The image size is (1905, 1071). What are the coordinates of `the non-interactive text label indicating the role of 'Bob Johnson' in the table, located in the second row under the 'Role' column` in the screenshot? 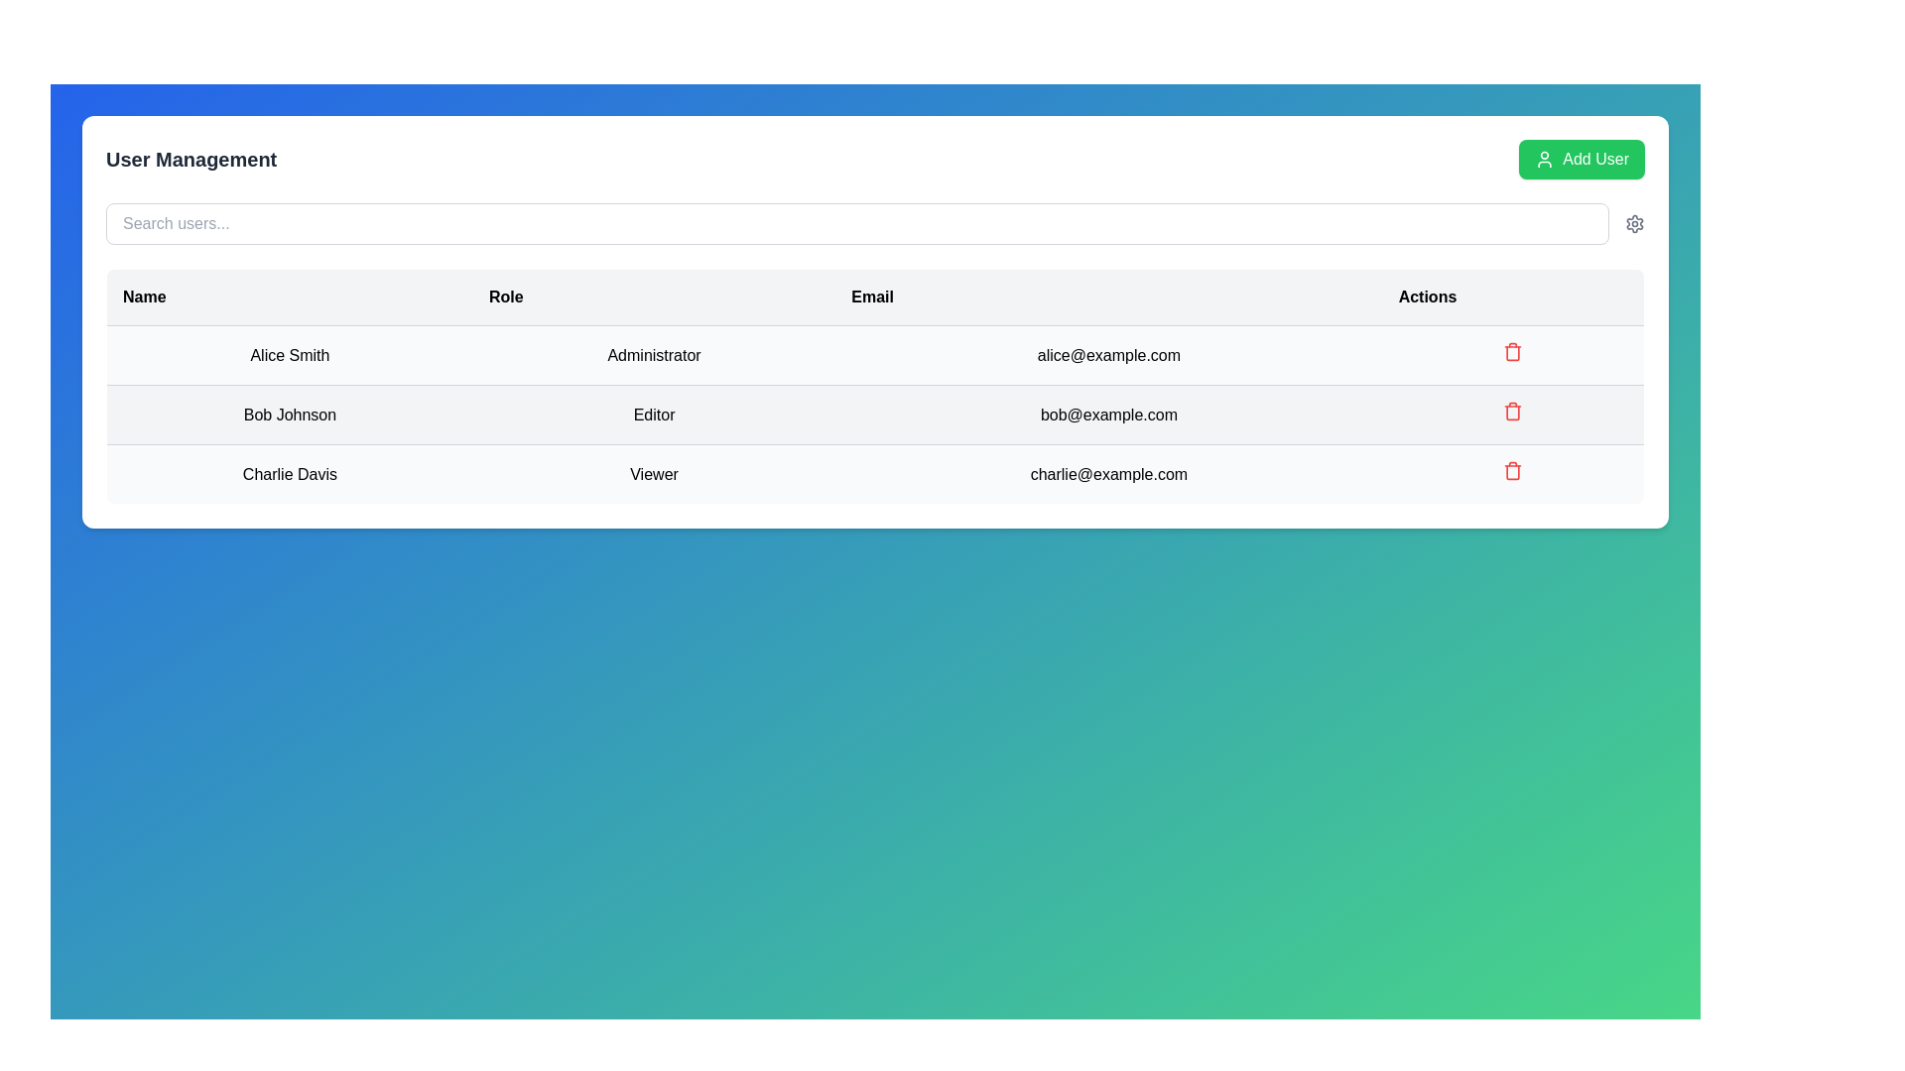 It's located at (654, 414).